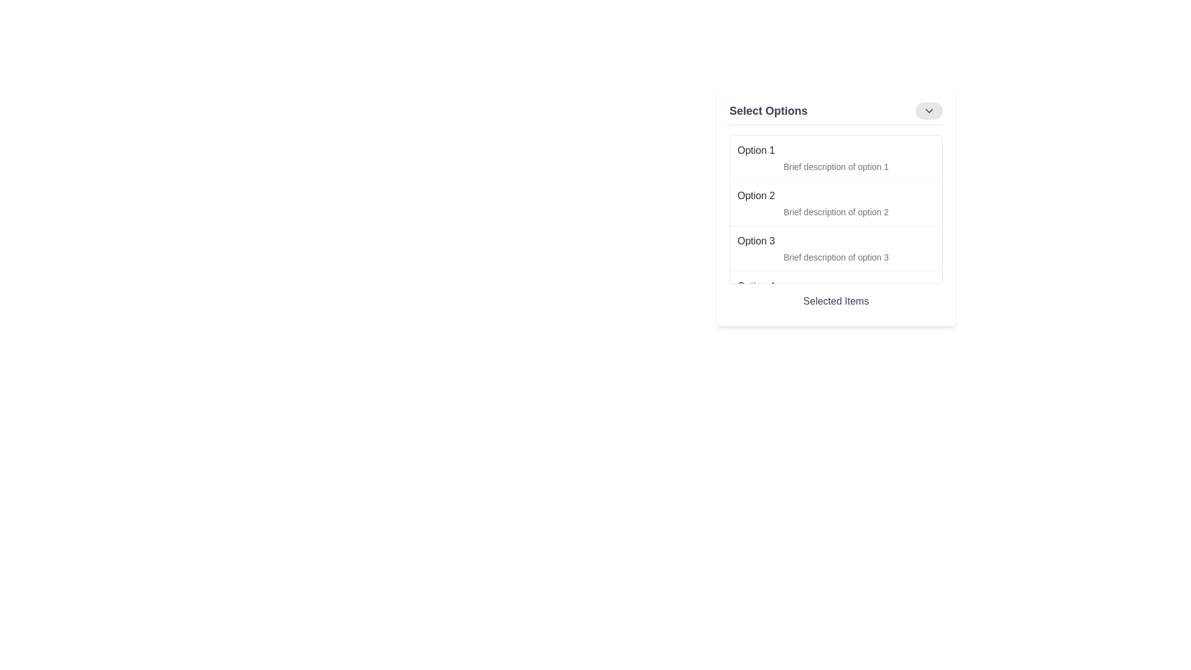 Image resolution: width=1191 pixels, height=670 pixels. I want to click on the Dropdown toggle button with a light gray background and a downward-pointing chevron icon, located to the right of the 'Select Options' title, so click(929, 110).